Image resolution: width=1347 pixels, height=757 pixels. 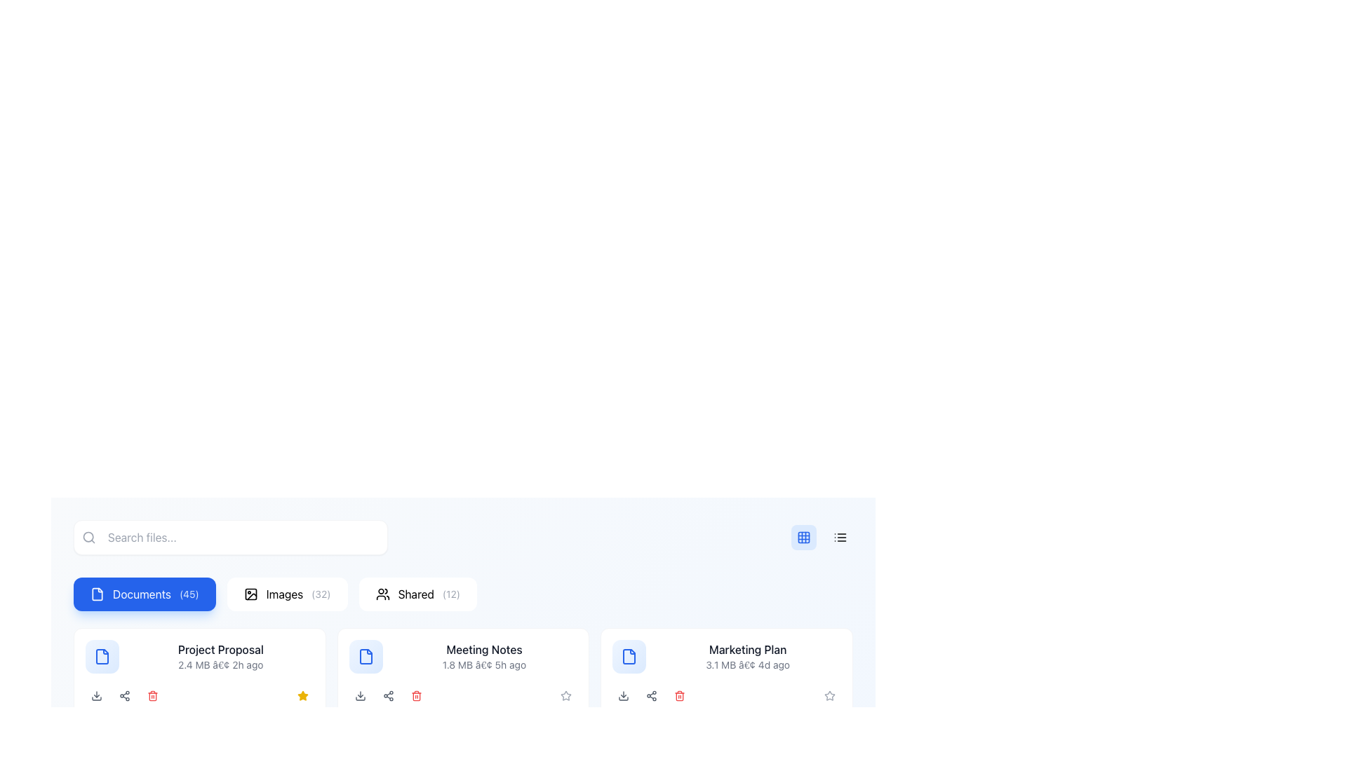 I want to click on the rounded square icon with a gradient blue background, featuring a document-shaped icon, so click(x=366, y=657).